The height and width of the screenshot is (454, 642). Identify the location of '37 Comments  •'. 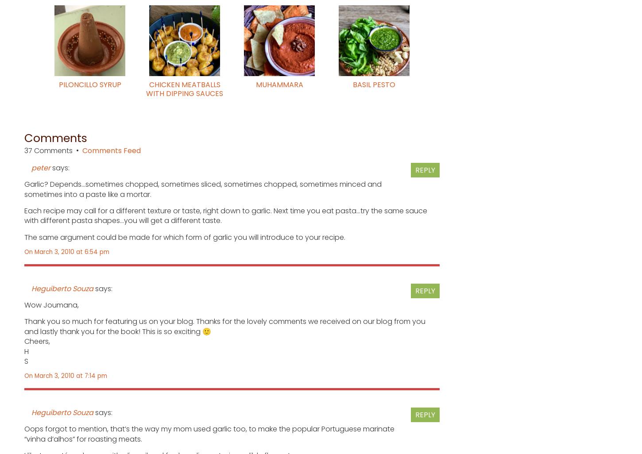
(24, 150).